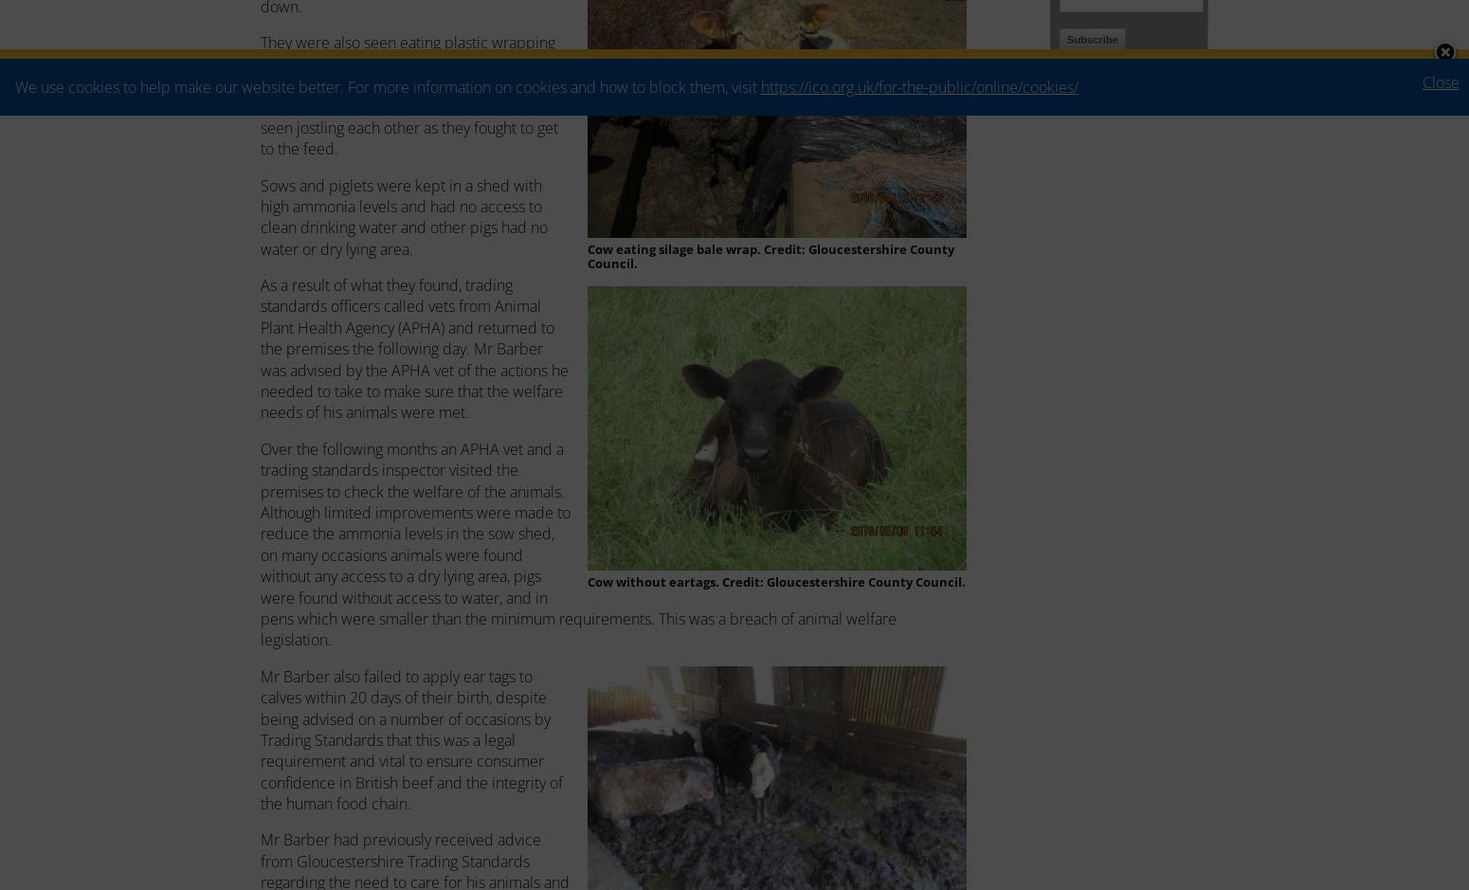 This screenshot has width=1469, height=890. Describe the element at coordinates (414, 348) in the screenshot. I see `'As a result of what they found, trading standards officers called vets from Animal Plant Health Agency (APHA) and returned to  the premises the following day. Mr Barber was advised by the APHA vet of the actions he needed to take to make sure that the welfare needs of his animals were met.'` at that location.